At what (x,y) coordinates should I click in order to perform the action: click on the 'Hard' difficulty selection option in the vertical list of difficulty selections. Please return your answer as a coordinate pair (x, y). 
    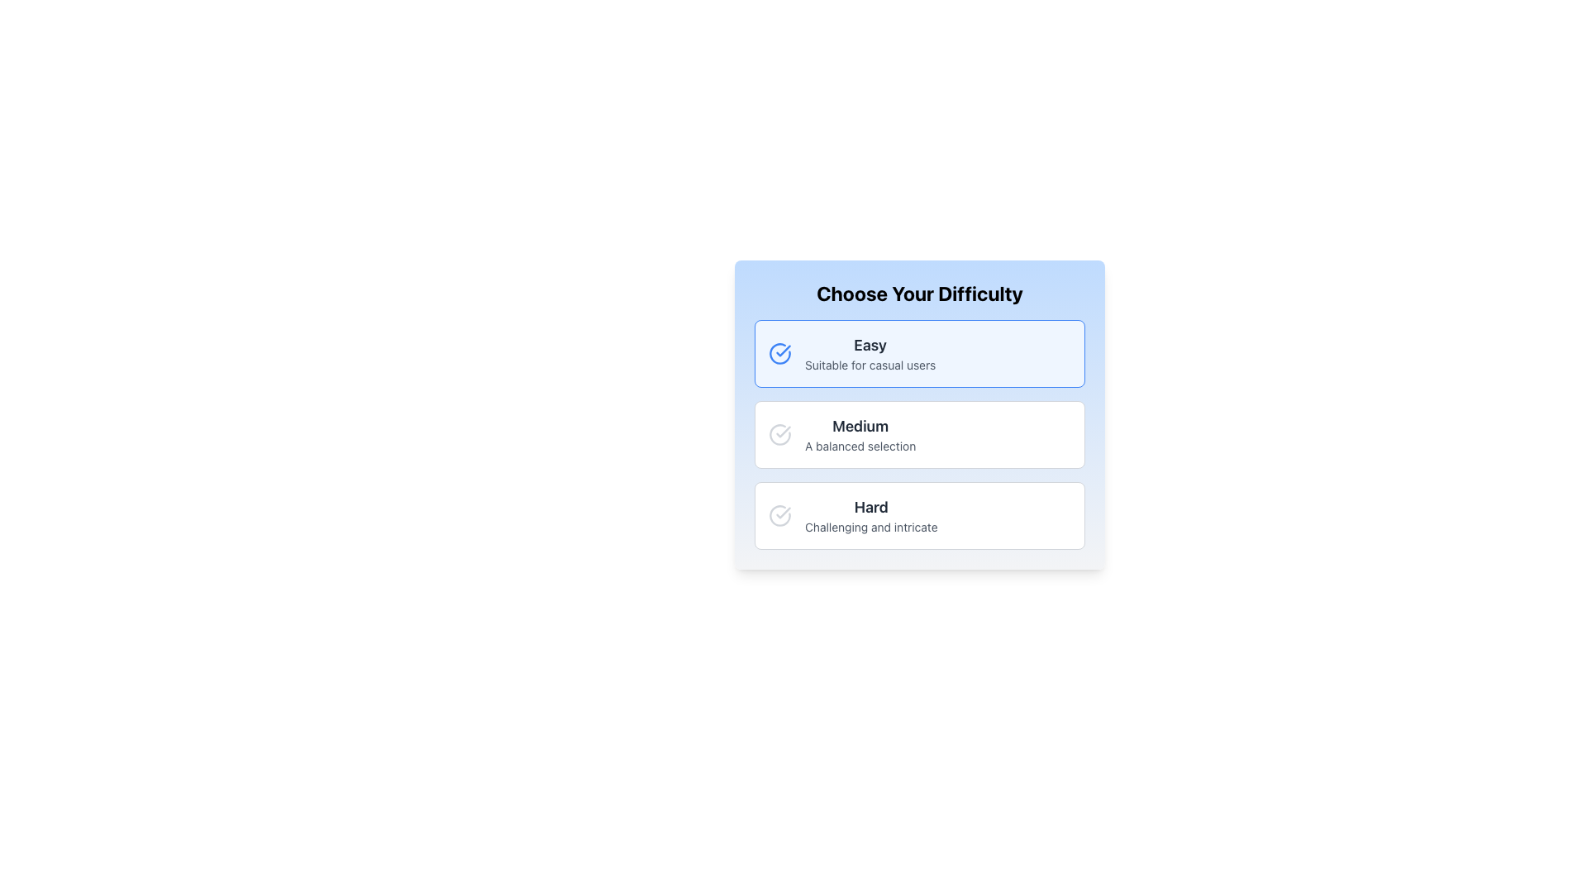
    Looking at the image, I should click on (870, 515).